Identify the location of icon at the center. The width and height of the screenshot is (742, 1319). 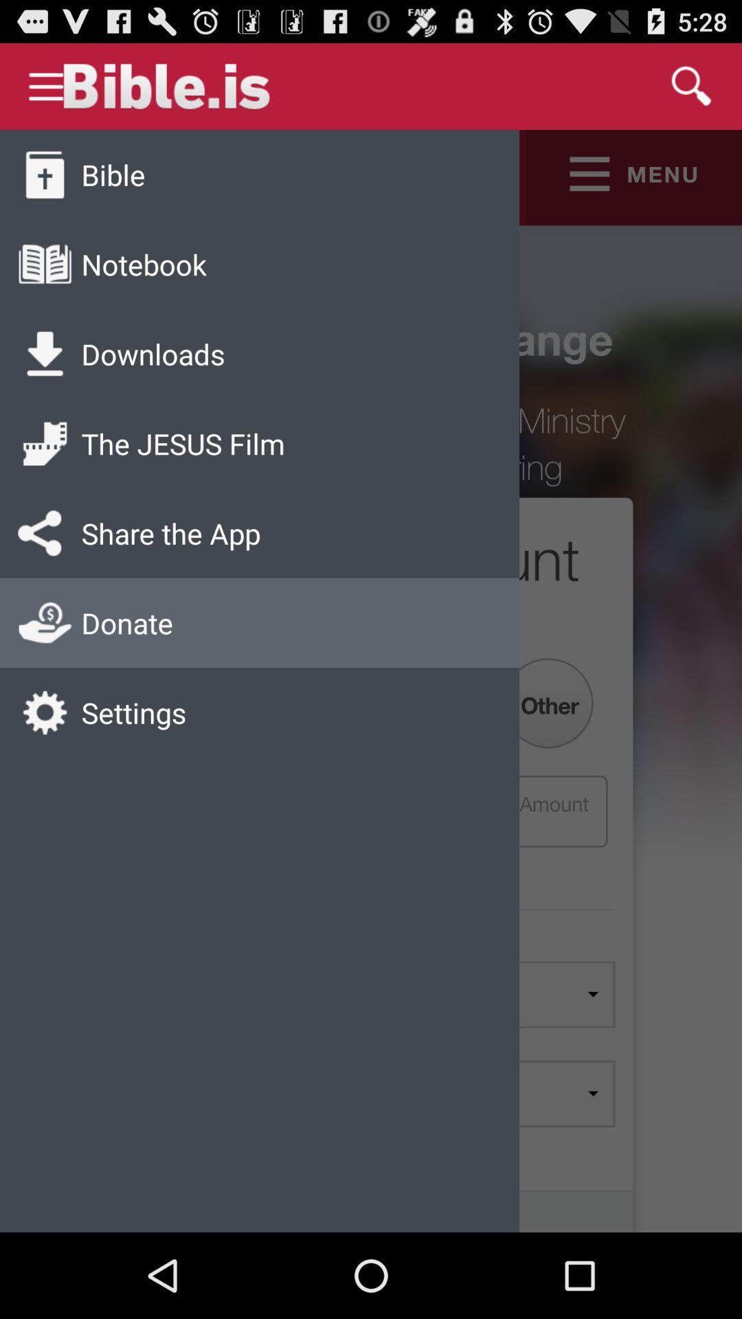
(371, 681).